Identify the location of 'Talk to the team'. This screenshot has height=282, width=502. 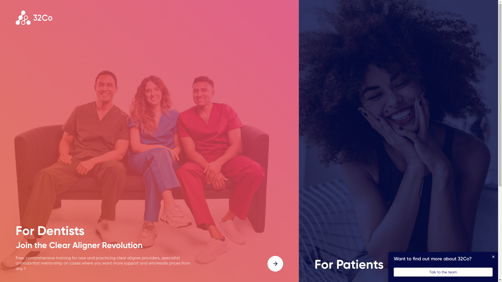
(443, 272).